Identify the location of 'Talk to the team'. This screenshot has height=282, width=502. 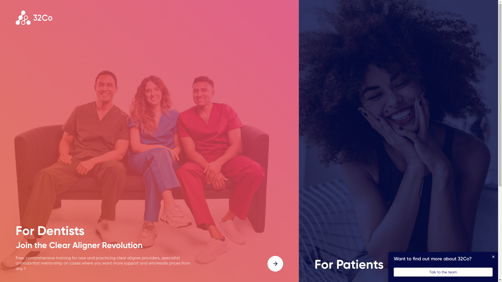
(443, 272).